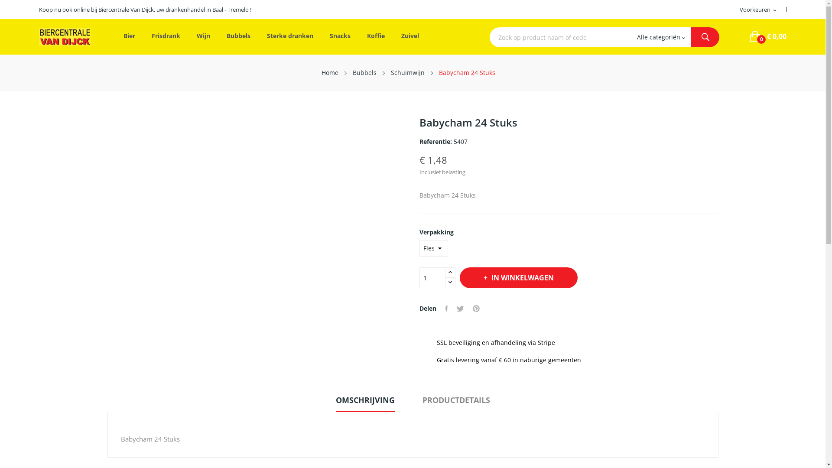 This screenshot has width=832, height=468. Describe the element at coordinates (455, 403) in the screenshot. I see `'PRODUCTDETAILS'` at that location.